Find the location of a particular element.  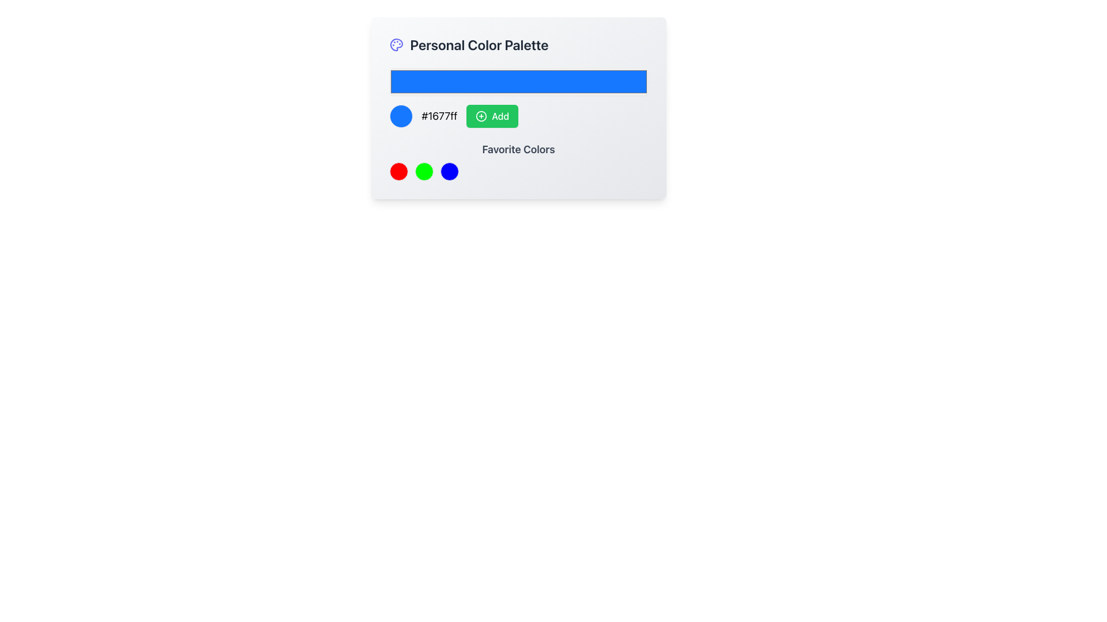

the static text display with the hexadecimal color code '#1677ff', which is centrally located between a blue color preview on its left and an 'Add' button on its right is located at coordinates (439, 116).